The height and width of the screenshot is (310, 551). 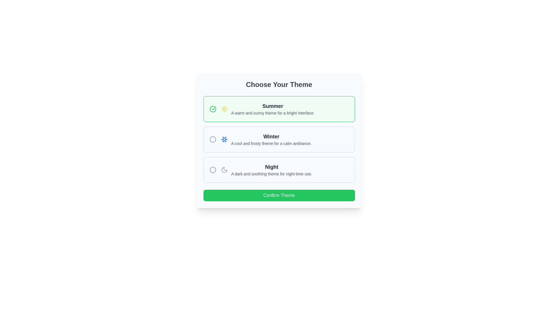 I want to click on text block titled 'Summer' which describes a warm and sunny theme for a bright interface, so click(x=267, y=109).